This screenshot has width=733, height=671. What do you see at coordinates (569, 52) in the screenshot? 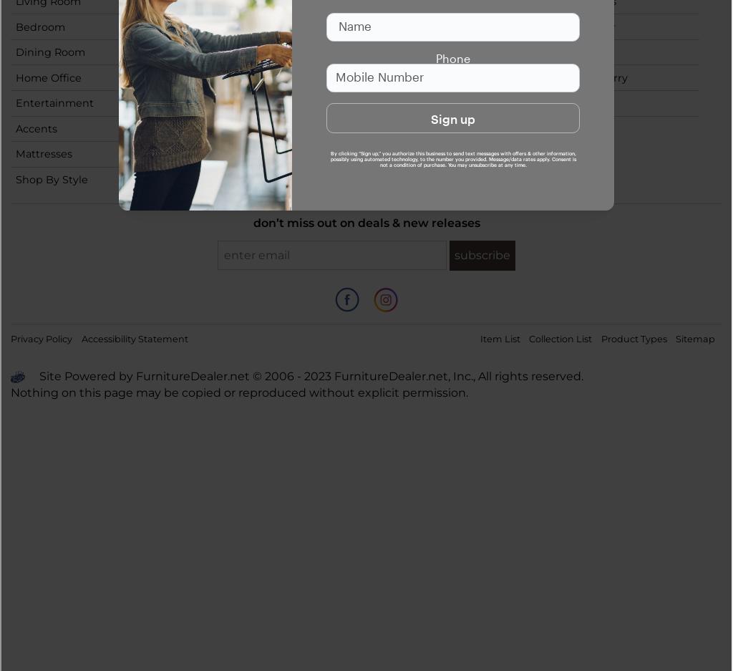
I see `'Current Ad'` at bounding box center [569, 52].